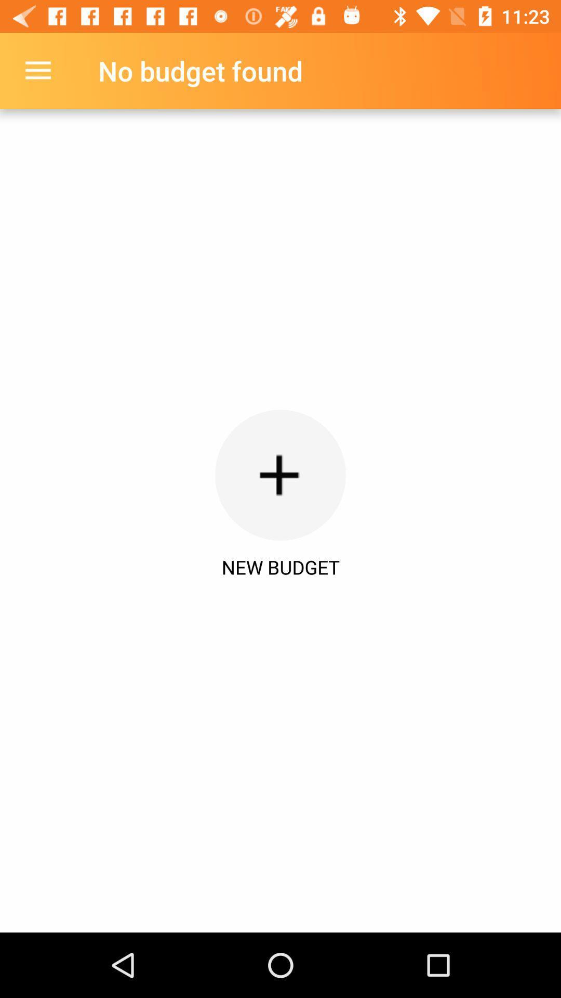 Image resolution: width=561 pixels, height=998 pixels. Describe the element at coordinates (280, 567) in the screenshot. I see `the new budget` at that location.